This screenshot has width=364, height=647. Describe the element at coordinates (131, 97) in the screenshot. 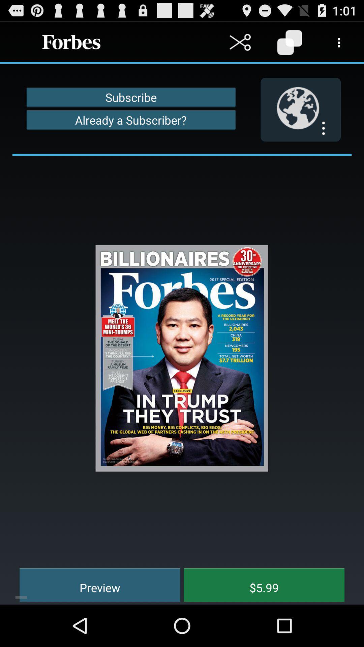

I see `subscribe` at that location.